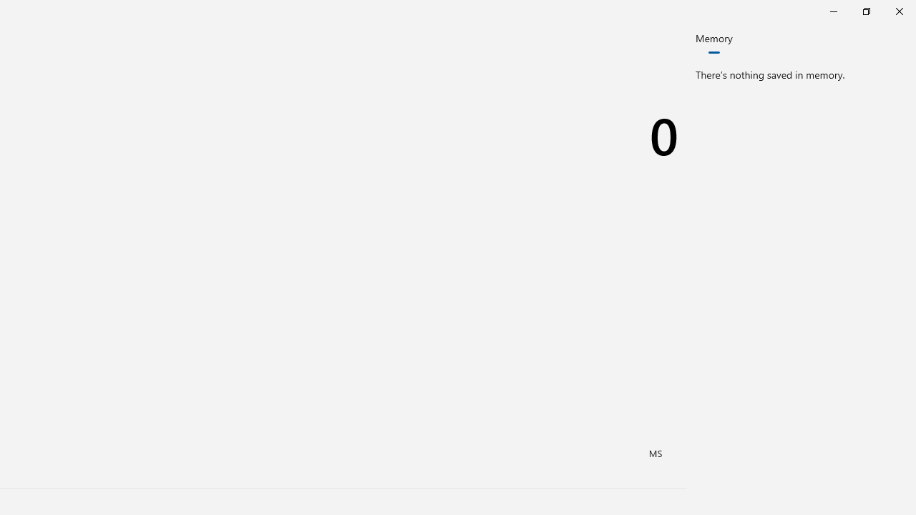 The image size is (916, 515). Describe the element at coordinates (656, 454) in the screenshot. I see `'Memory store'` at that location.